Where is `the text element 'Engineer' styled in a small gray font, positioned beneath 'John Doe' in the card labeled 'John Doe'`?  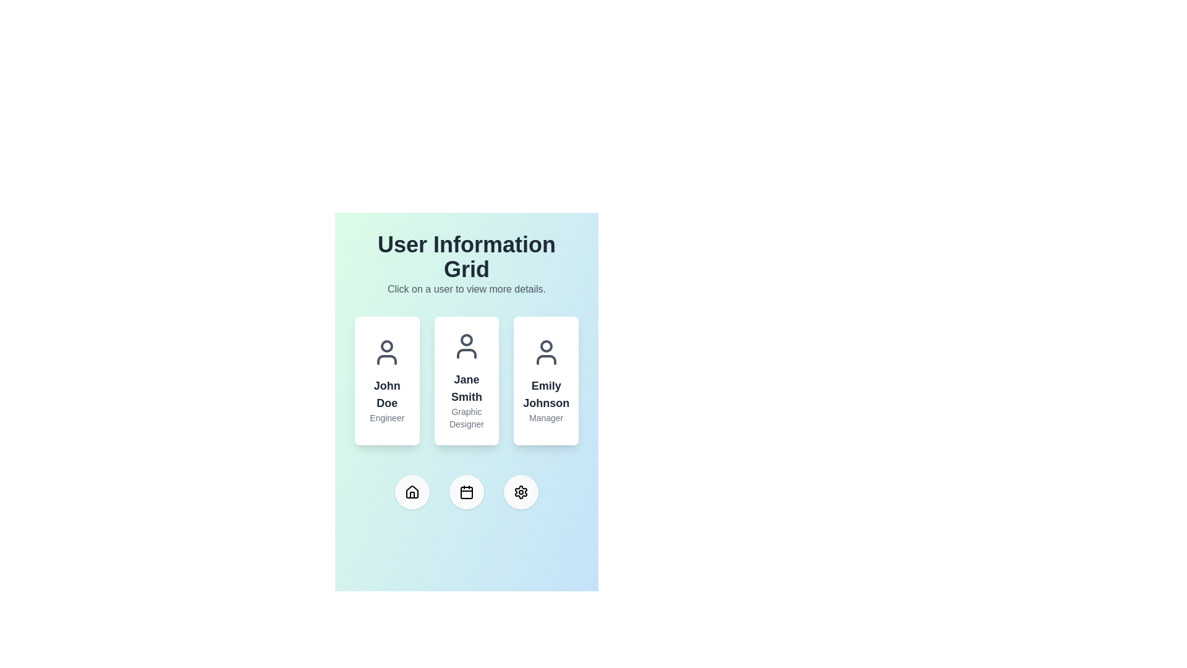 the text element 'Engineer' styled in a small gray font, positioned beneath 'John Doe' in the card labeled 'John Doe' is located at coordinates (386, 417).